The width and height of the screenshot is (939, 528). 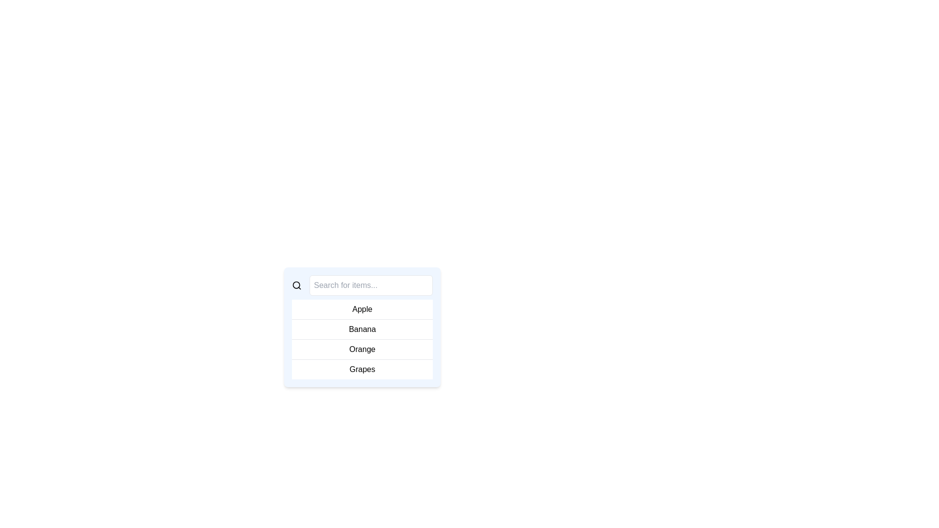 I want to click on the third list item labeled 'Orange', so click(x=361, y=349).